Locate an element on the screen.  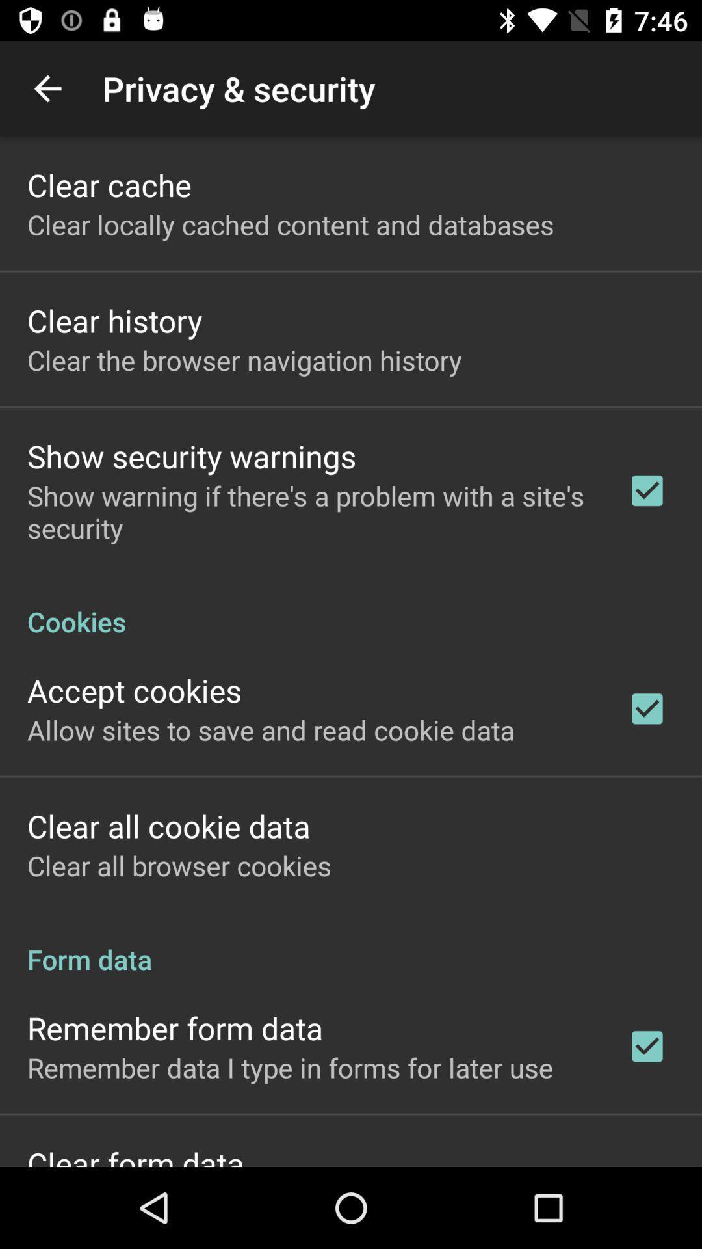
app next to the privacy & security is located at coordinates (47, 88).